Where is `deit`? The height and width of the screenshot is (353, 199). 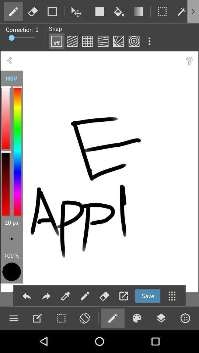
deit is located at coordinates (66, 296).